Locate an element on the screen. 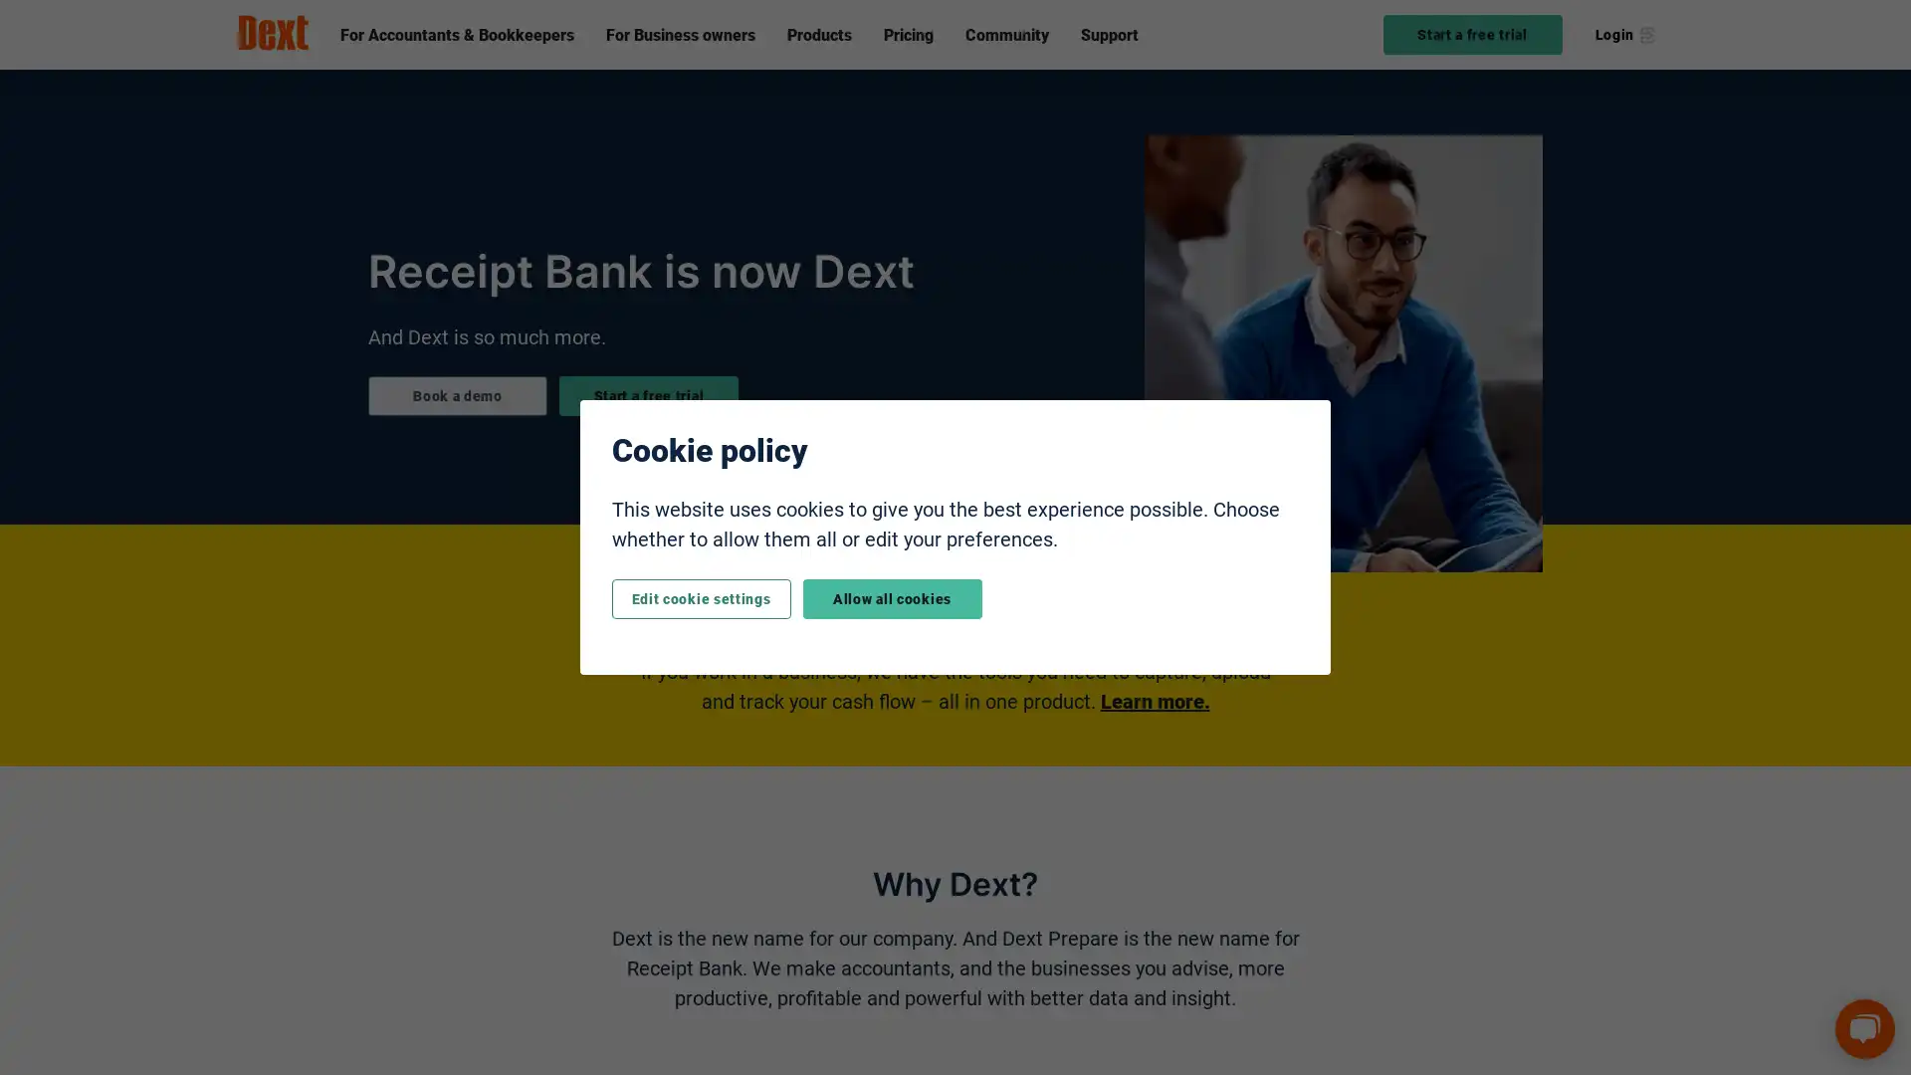 This screenshot has height=1075, width=1911. Edit cookie settings is located at coordinates (701, 597).